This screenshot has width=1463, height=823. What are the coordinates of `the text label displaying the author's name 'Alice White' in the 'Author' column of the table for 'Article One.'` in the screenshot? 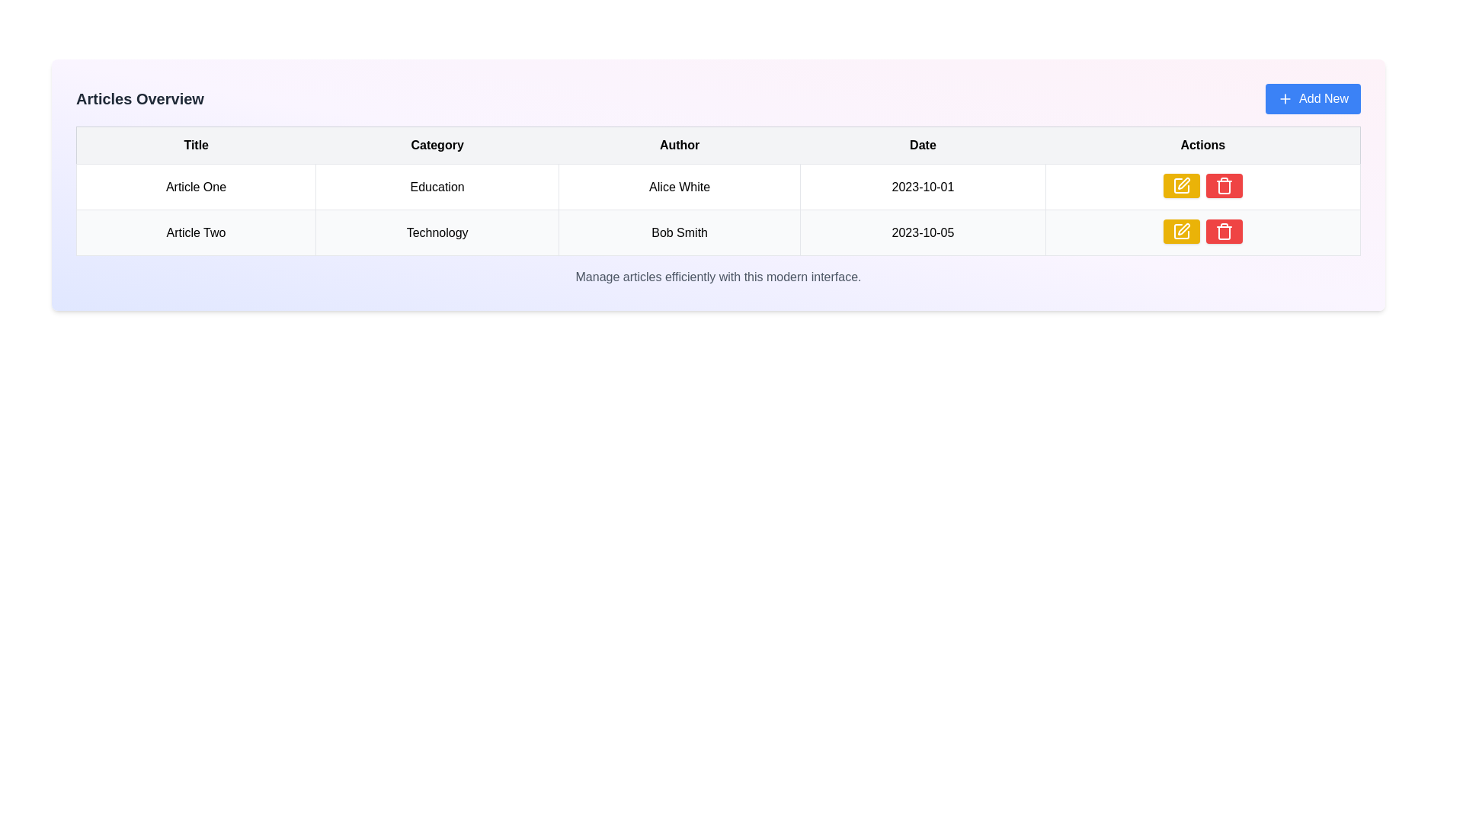 It's located at (679, 186).